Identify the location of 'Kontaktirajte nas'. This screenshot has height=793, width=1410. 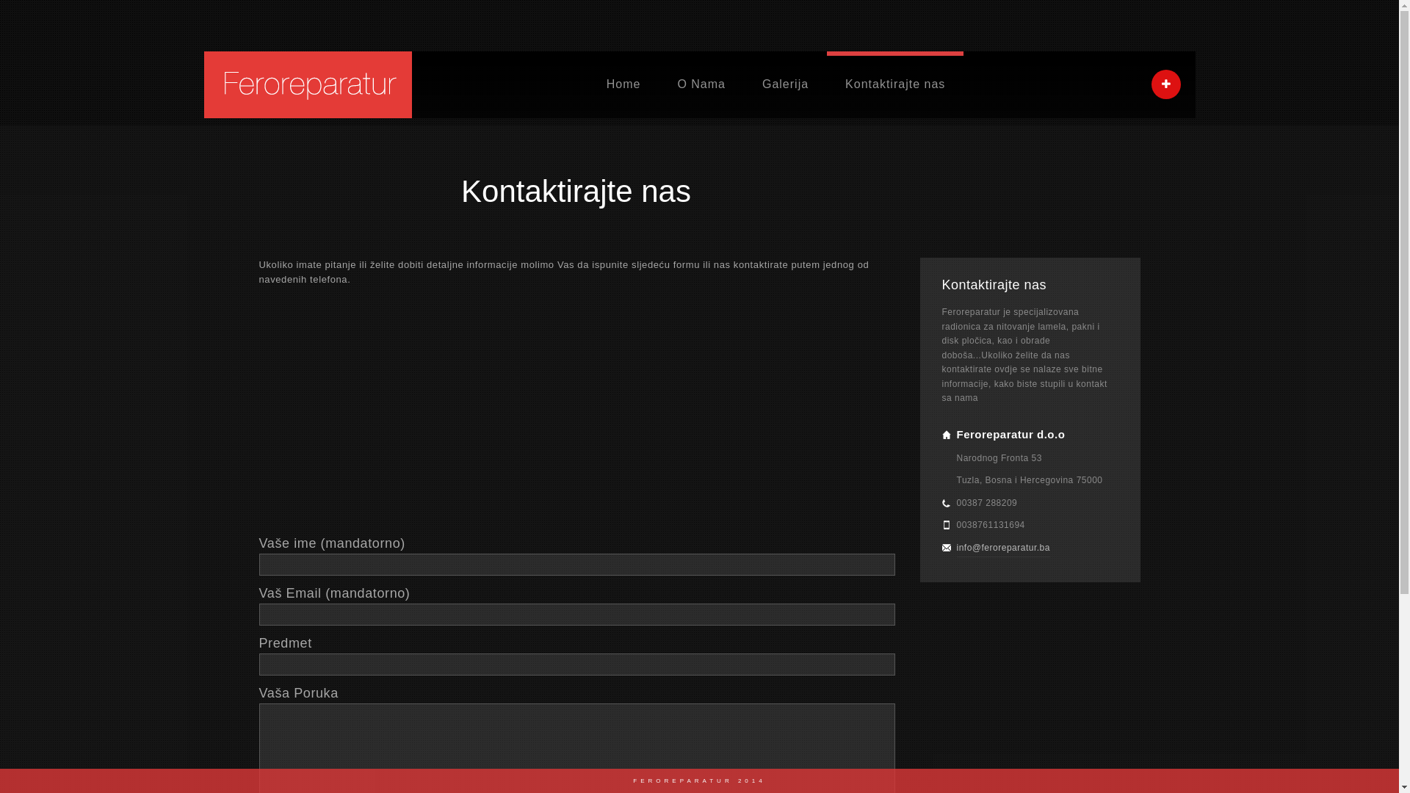
(894, 84).